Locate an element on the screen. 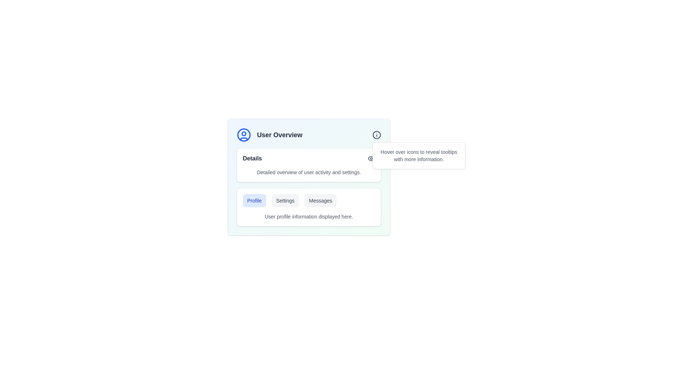  the header text element located at the top-left of the section, next is located at coordinates (269, 135).